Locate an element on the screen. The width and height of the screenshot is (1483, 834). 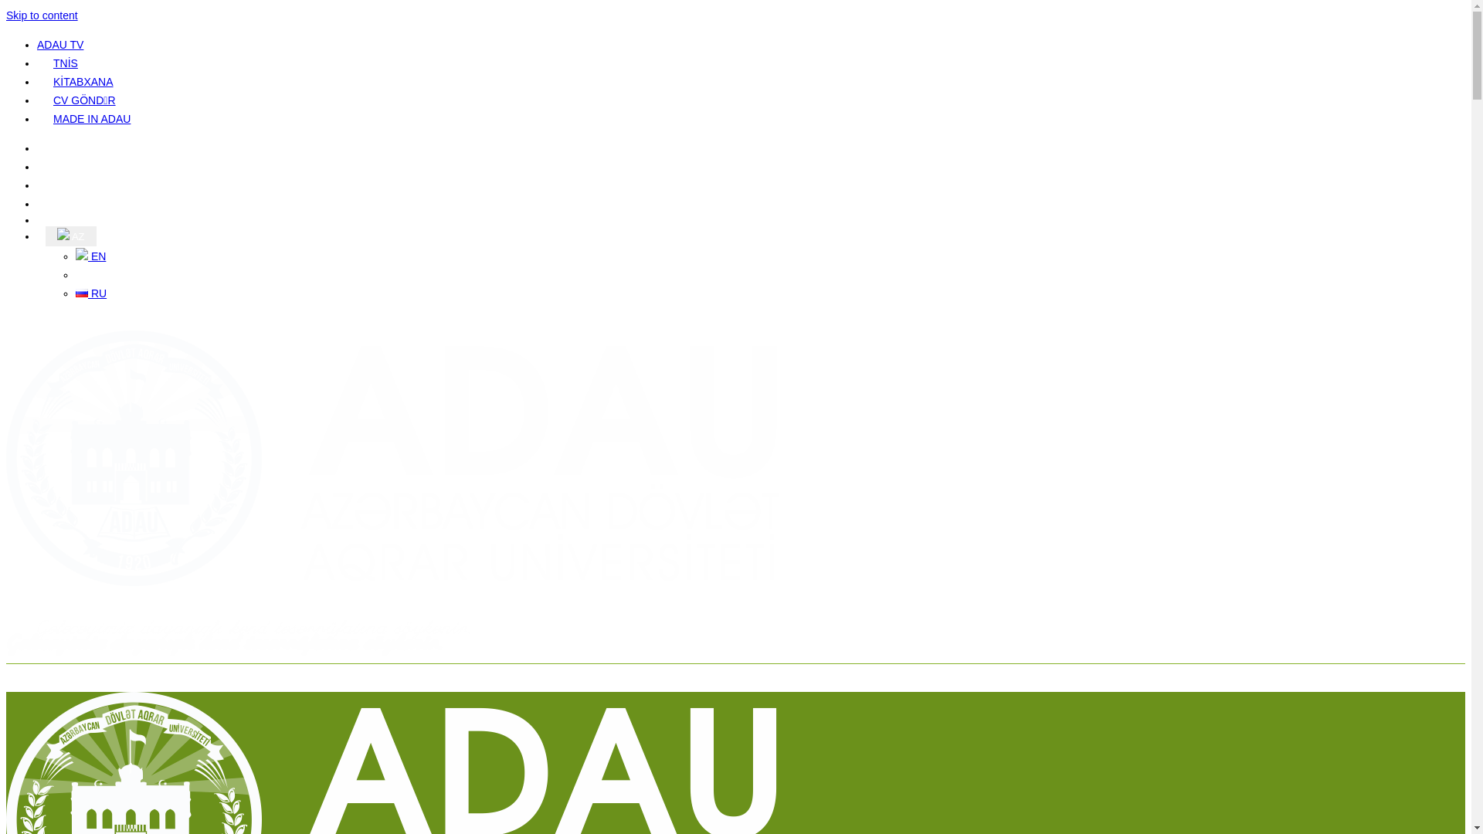
'MADE IN ADAU' is located at coordinates (91, 118).